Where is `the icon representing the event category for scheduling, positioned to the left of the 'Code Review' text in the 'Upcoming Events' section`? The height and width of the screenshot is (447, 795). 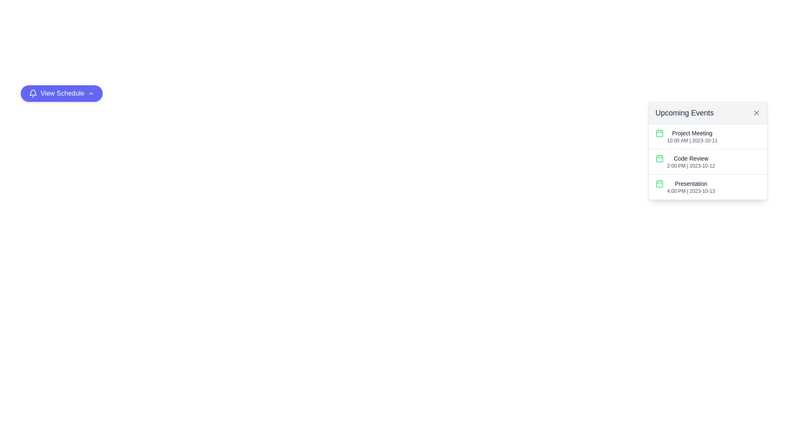
the icon representing the event category for scheduling, positioned to the left of the 'Code Review' text in the 'Upcoming Events' section is located at coordinates (659, 158).